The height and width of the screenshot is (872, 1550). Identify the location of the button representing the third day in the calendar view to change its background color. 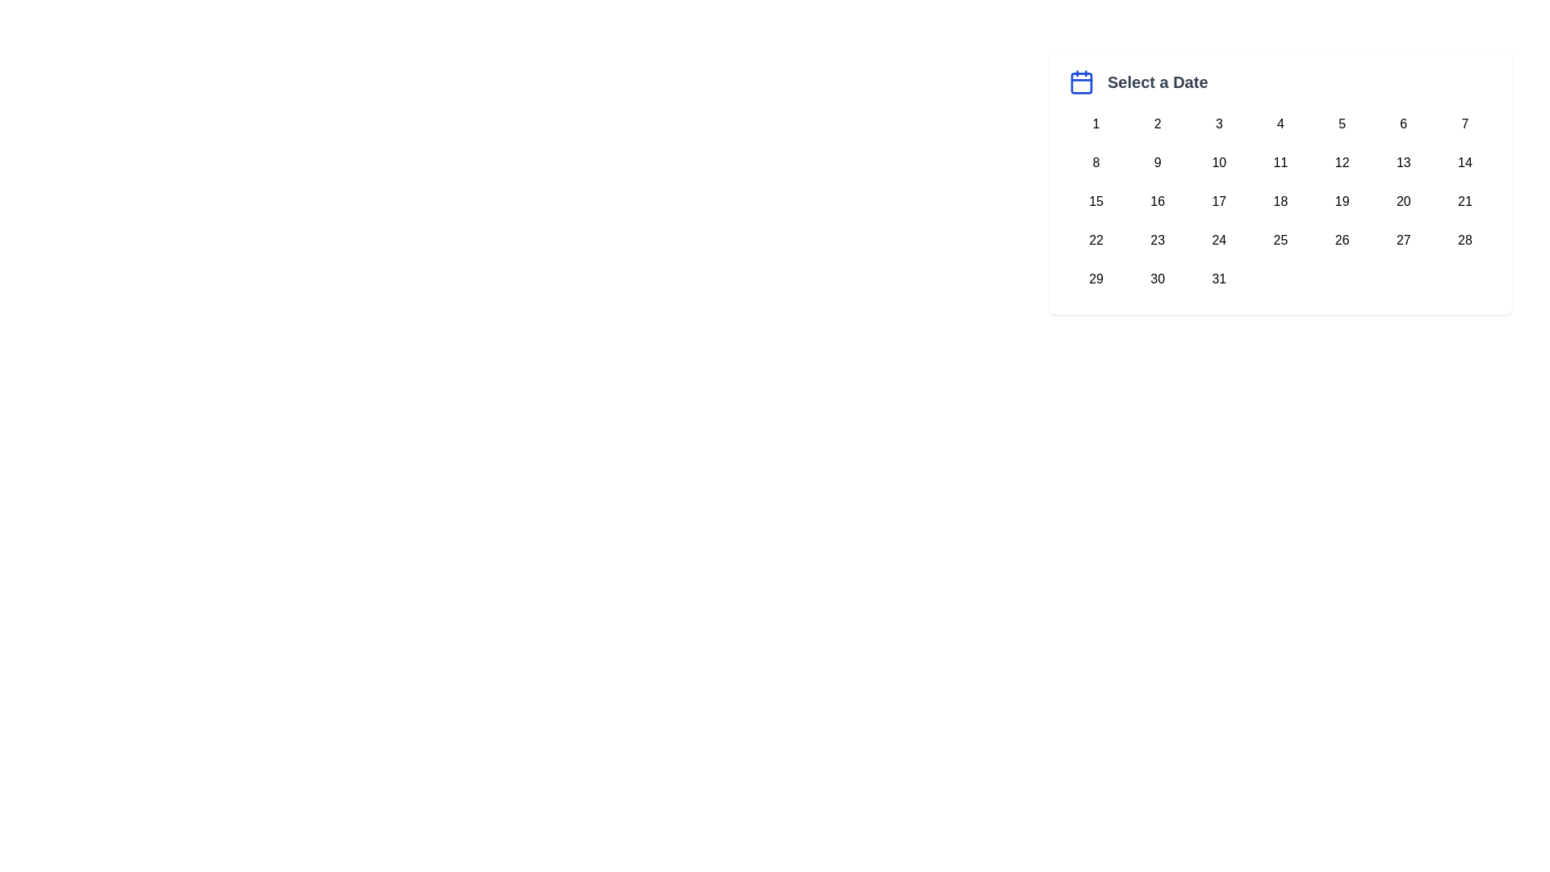
(1219, 124).